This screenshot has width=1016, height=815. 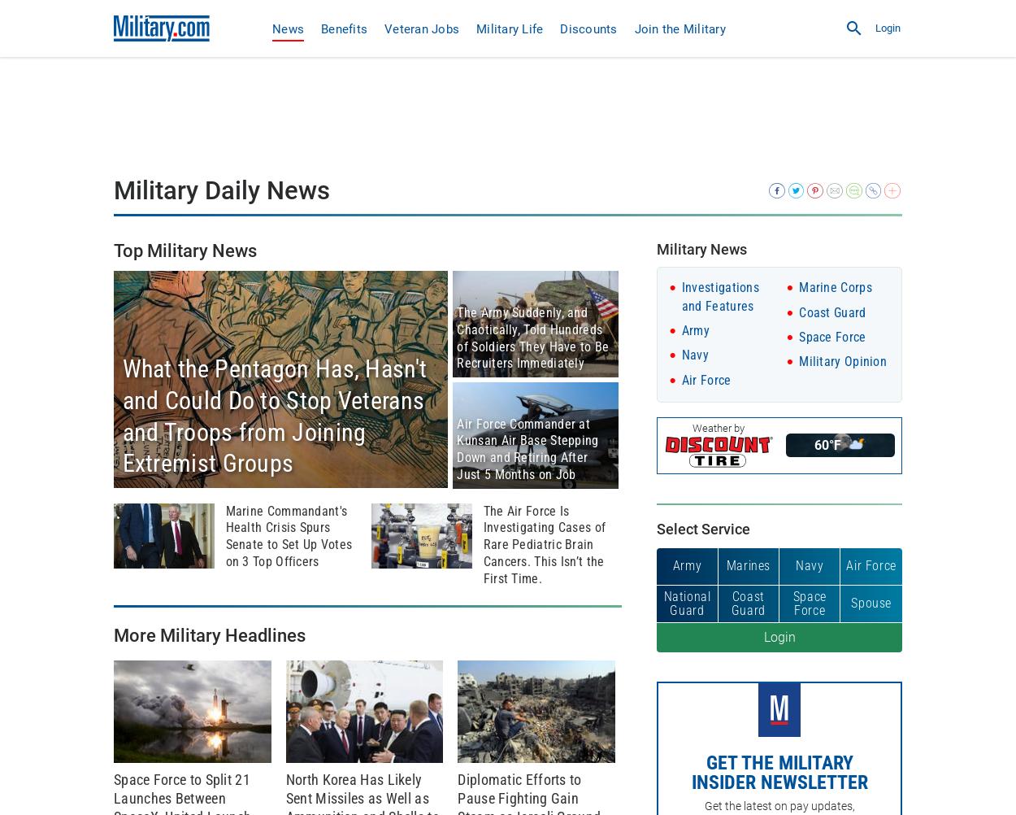 What do you see at coordinates (778, 771) in the screenshot?
I see `'Get the Military Insider Newsletter'` at bounding box center [778, 771].